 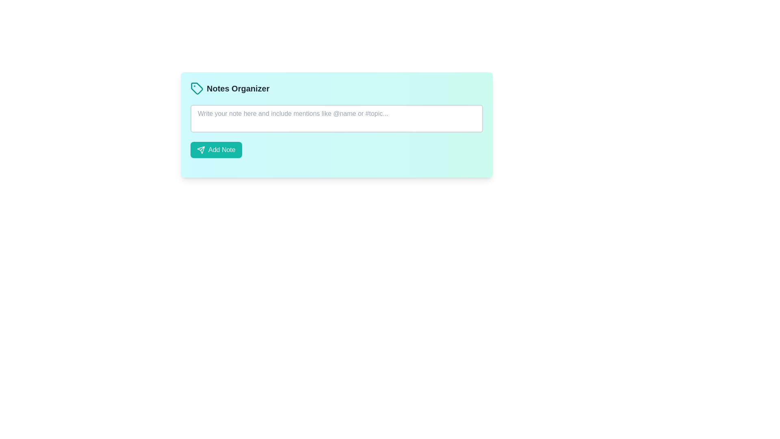 I want to click on the text input area with placeholder 'Write your note here and include mentions like @name or #topic...' to focus on it, so click(x=337, y=119).